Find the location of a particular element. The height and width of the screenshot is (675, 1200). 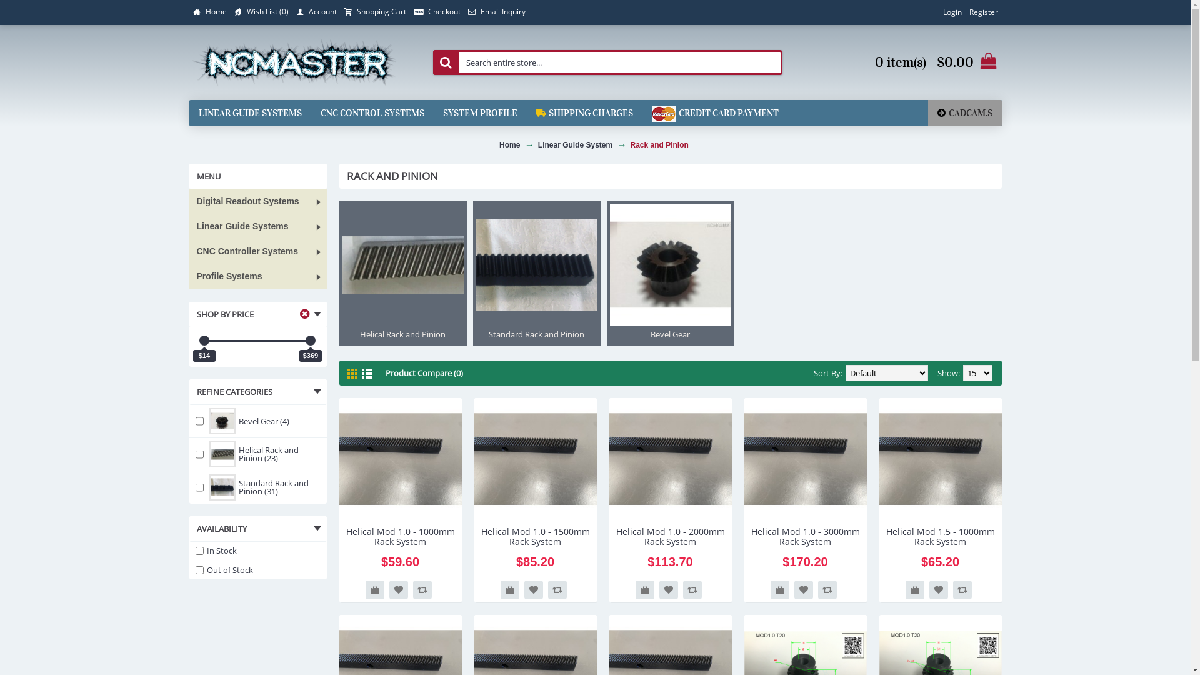

'Helical Rack and Pinion' is located at coordinates (402, 272).